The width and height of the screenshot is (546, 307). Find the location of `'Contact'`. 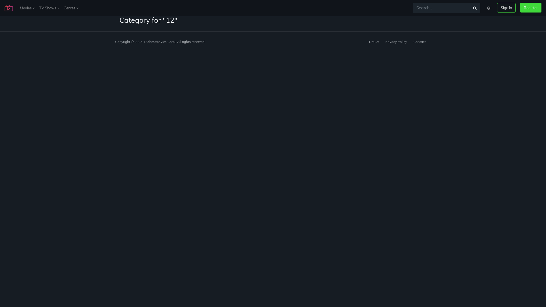

'Contact' is located at coordinates (419, 41).